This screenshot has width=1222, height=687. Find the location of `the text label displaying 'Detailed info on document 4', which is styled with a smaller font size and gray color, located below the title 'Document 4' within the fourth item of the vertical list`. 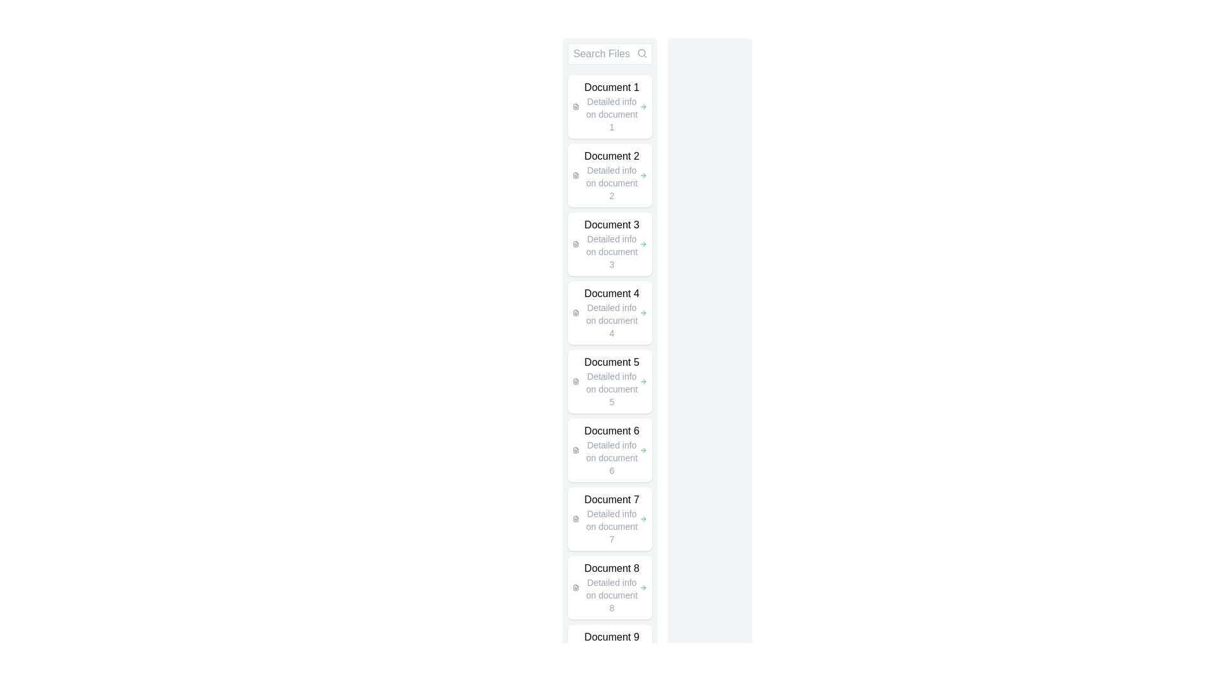

the text label displaying 'Detailed info on document 4', which is styled with a smaller font size and gray color, located below the title 'Document 4' within the fourth item of the vertical list is located at coordinates (612, 320).